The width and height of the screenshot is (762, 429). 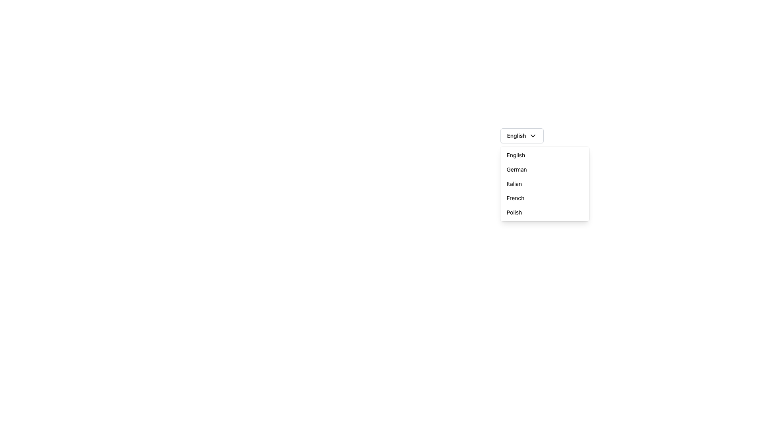 I want to click on the small black downward-pointing arrow icon for the dropdown menu, located to the right of the text 'English', so click(x=533, y=135).